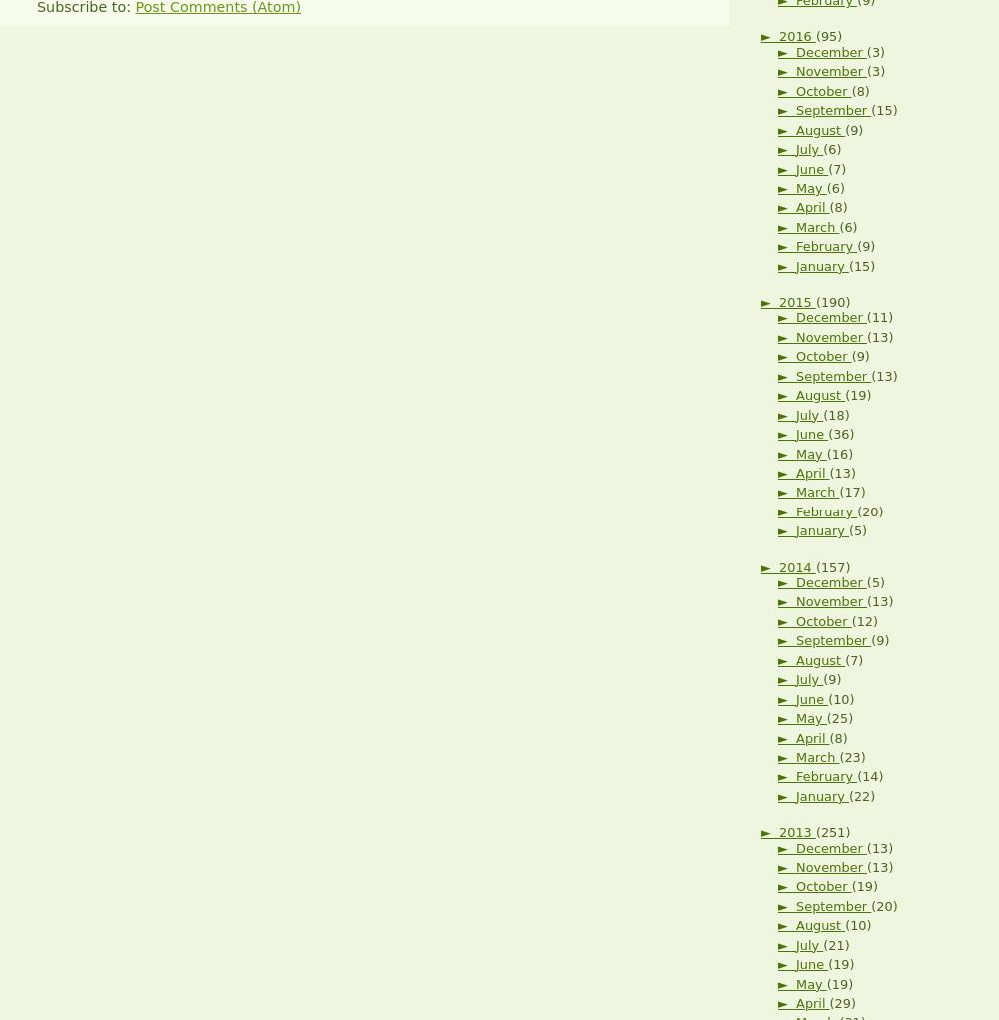 The height and width of the screenshot is (1020, 999). Describe the element at coordinates (851, 756) in the screenshot. I see `'(23)'` at that location.